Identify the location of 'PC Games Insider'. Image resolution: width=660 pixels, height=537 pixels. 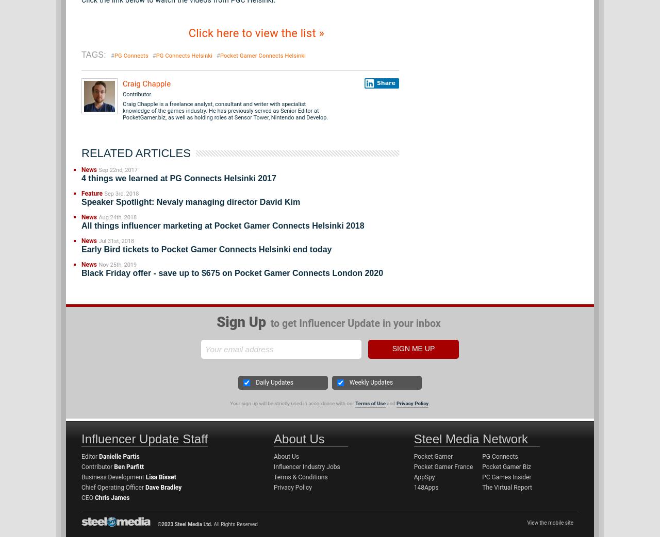
(482, 477).